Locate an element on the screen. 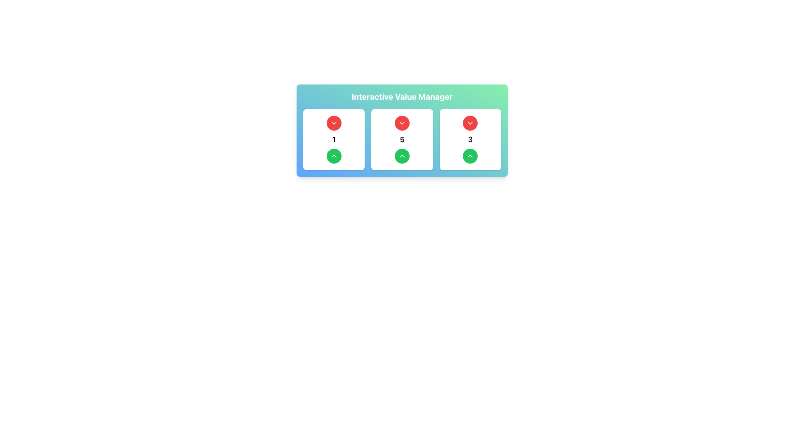  the downward chevron icon within the circular button located at the top section of the rightmost card in a three-card layout is located at coordinates (470, 123).